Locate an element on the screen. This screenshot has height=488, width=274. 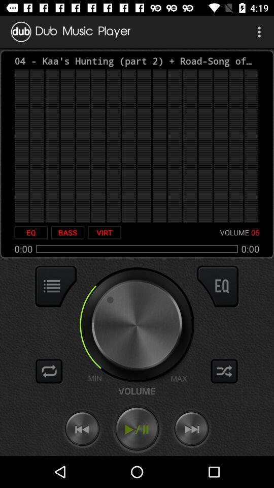
open main menu is located at coordinates (56, 286).